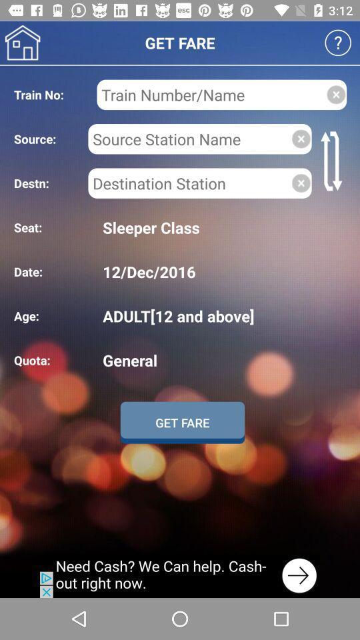 The width and height of the screenshot is (360, 640). I want to click on click help option, so click(338, 43).